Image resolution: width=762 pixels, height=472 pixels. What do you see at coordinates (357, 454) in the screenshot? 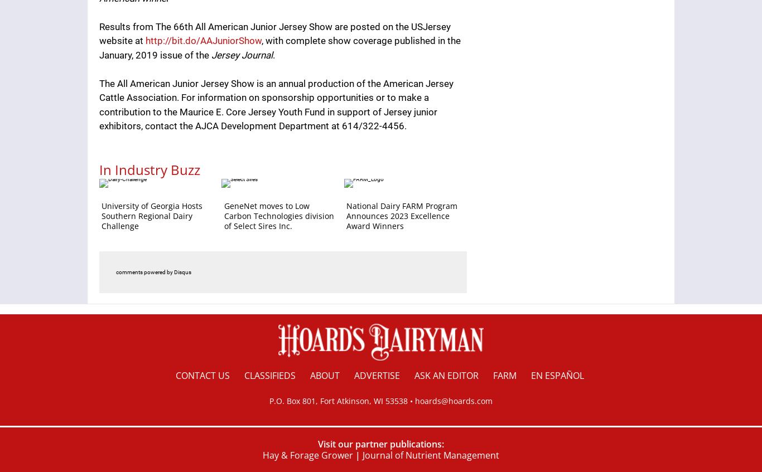
I see `'|'` at bounding box center [357, 454].